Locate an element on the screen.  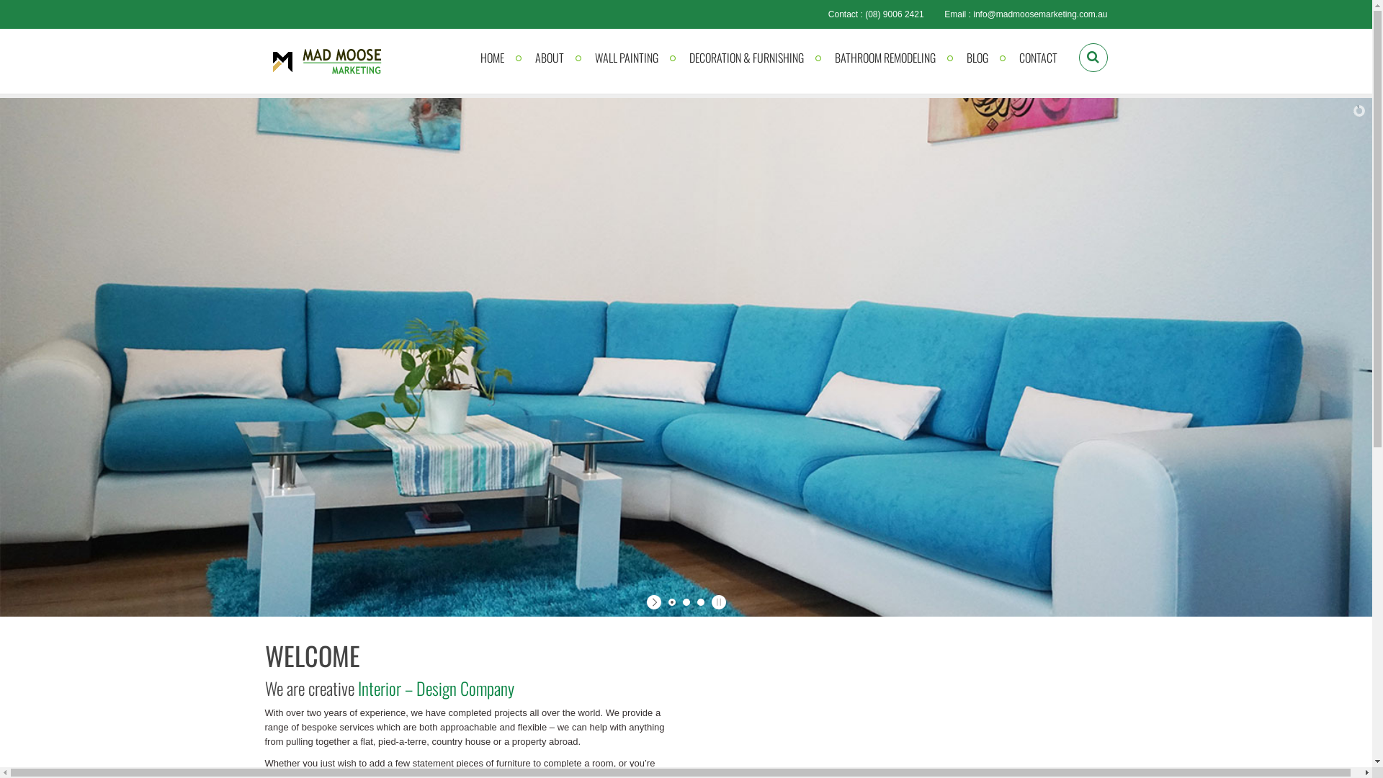
'ABOUT' is located at coordinates (548, 57).